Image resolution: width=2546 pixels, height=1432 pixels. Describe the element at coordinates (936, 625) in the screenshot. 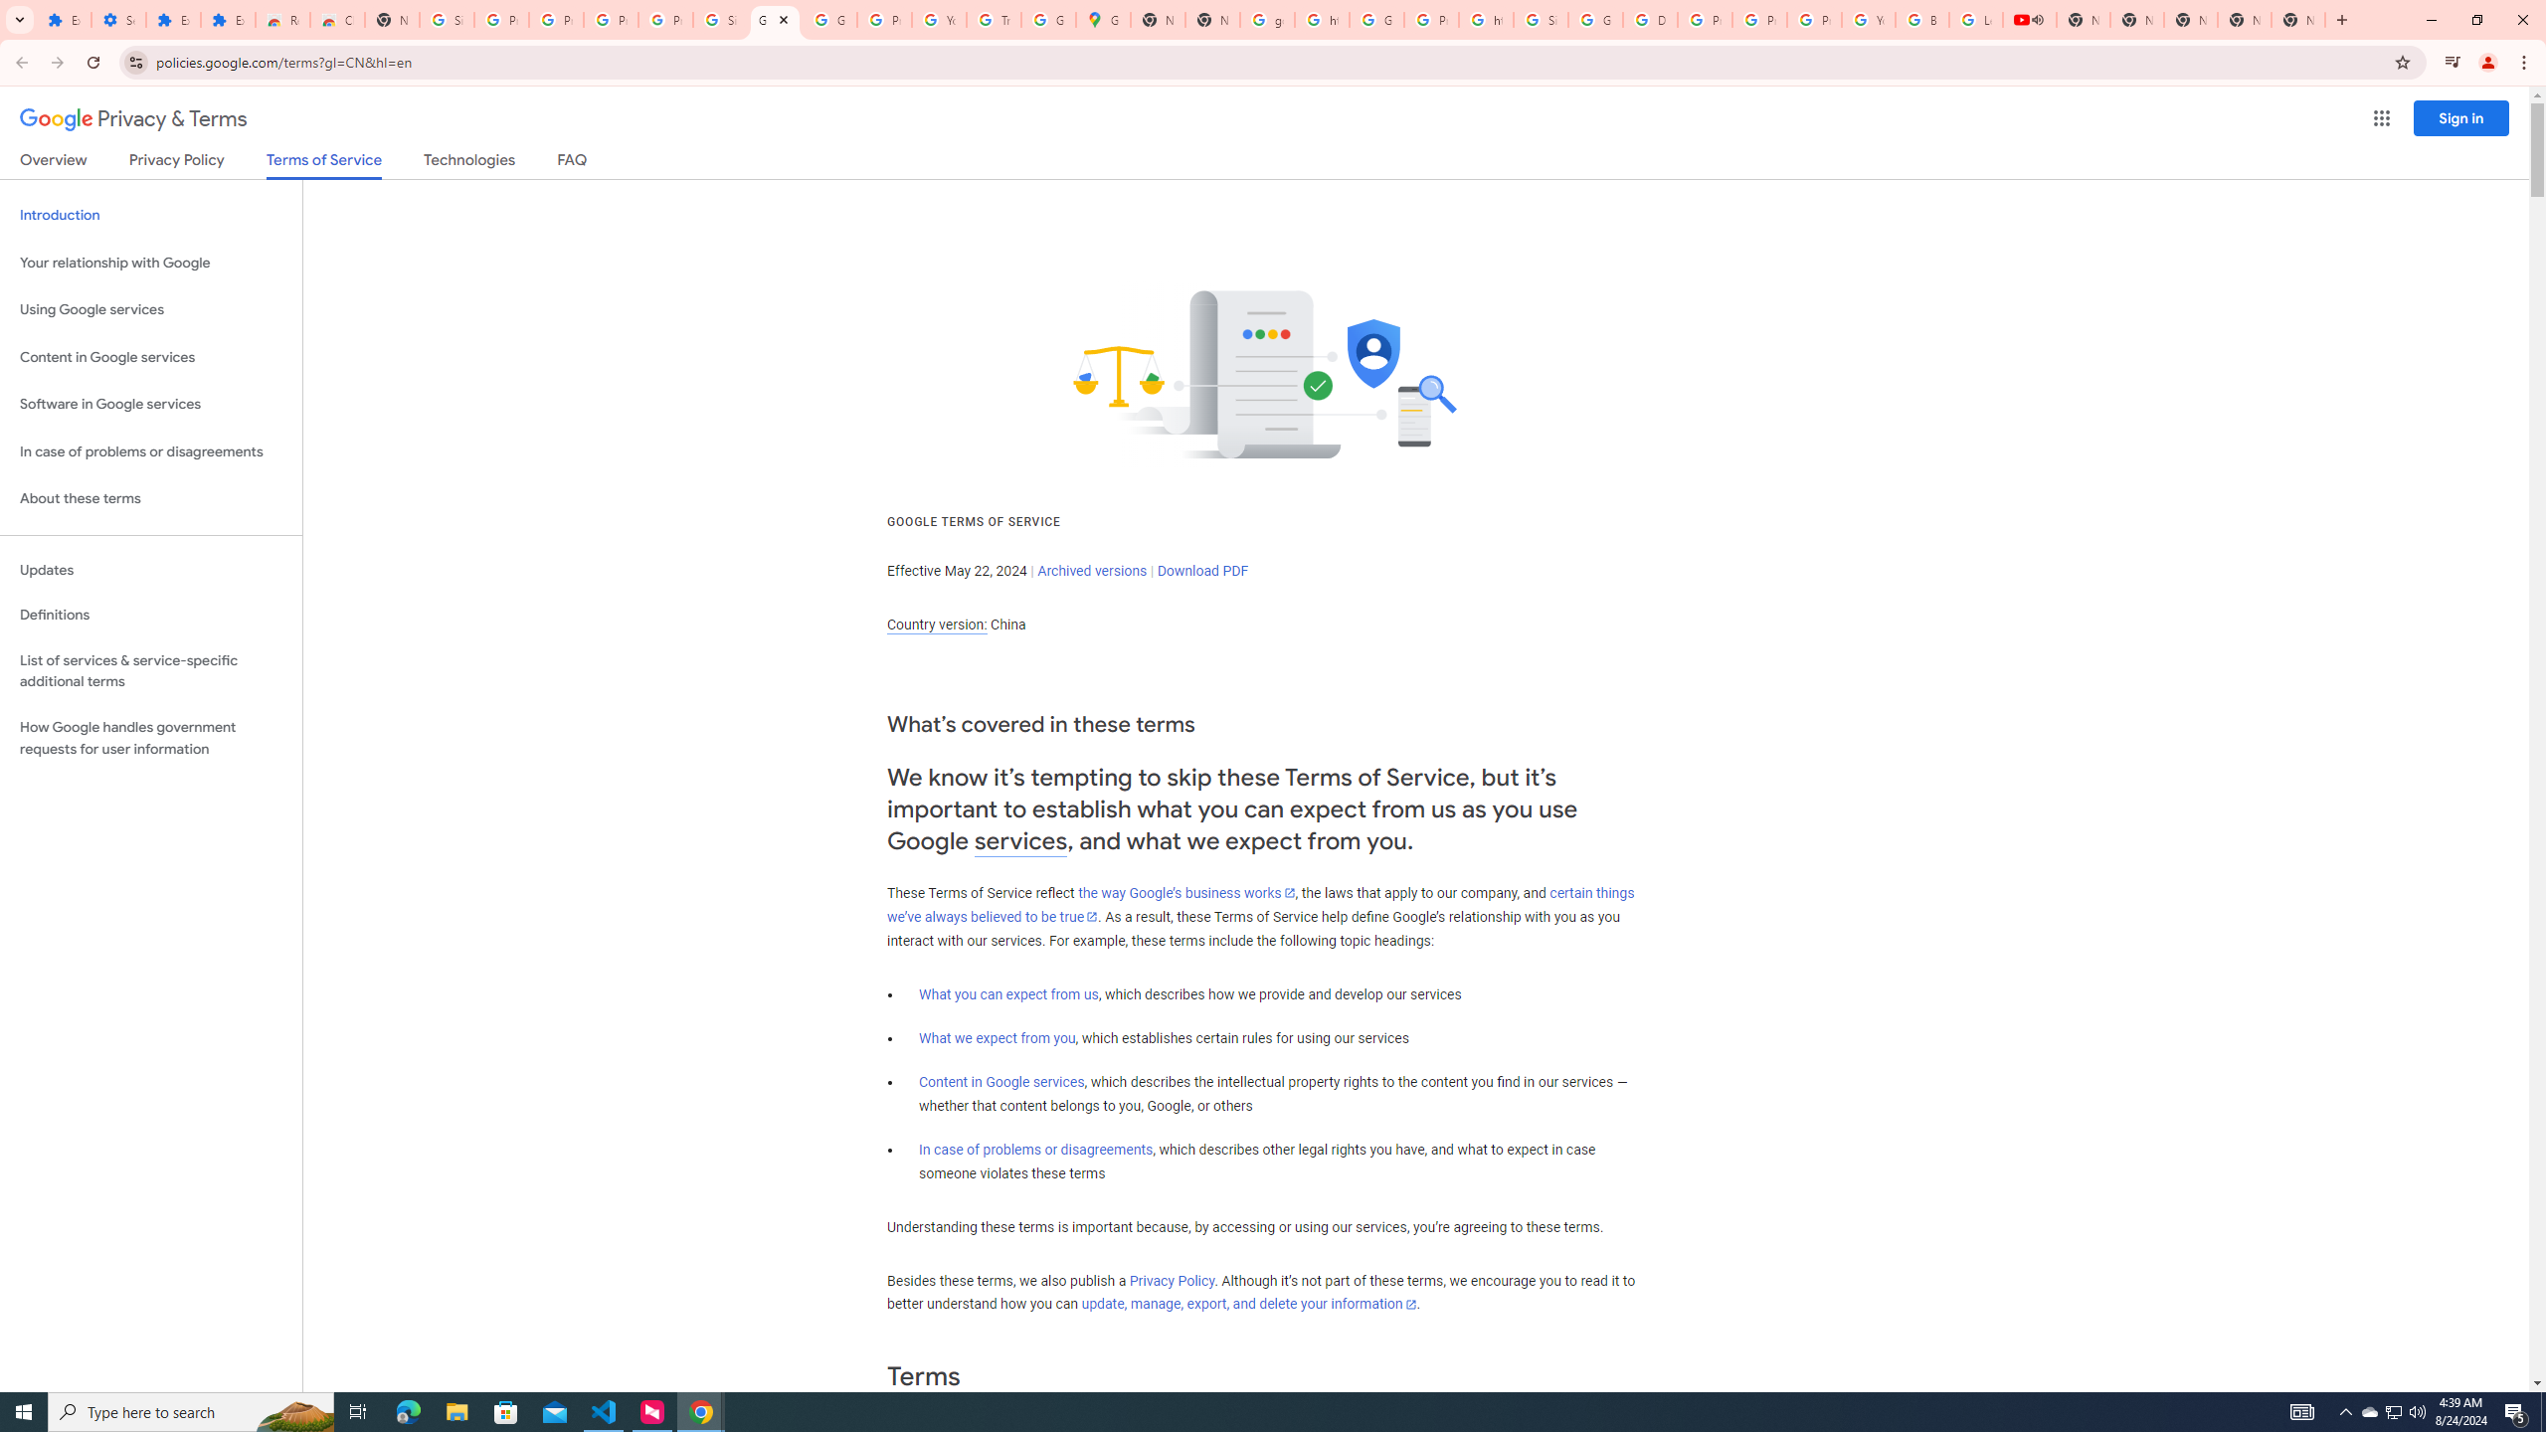

I see `'Country version:'` at that location.